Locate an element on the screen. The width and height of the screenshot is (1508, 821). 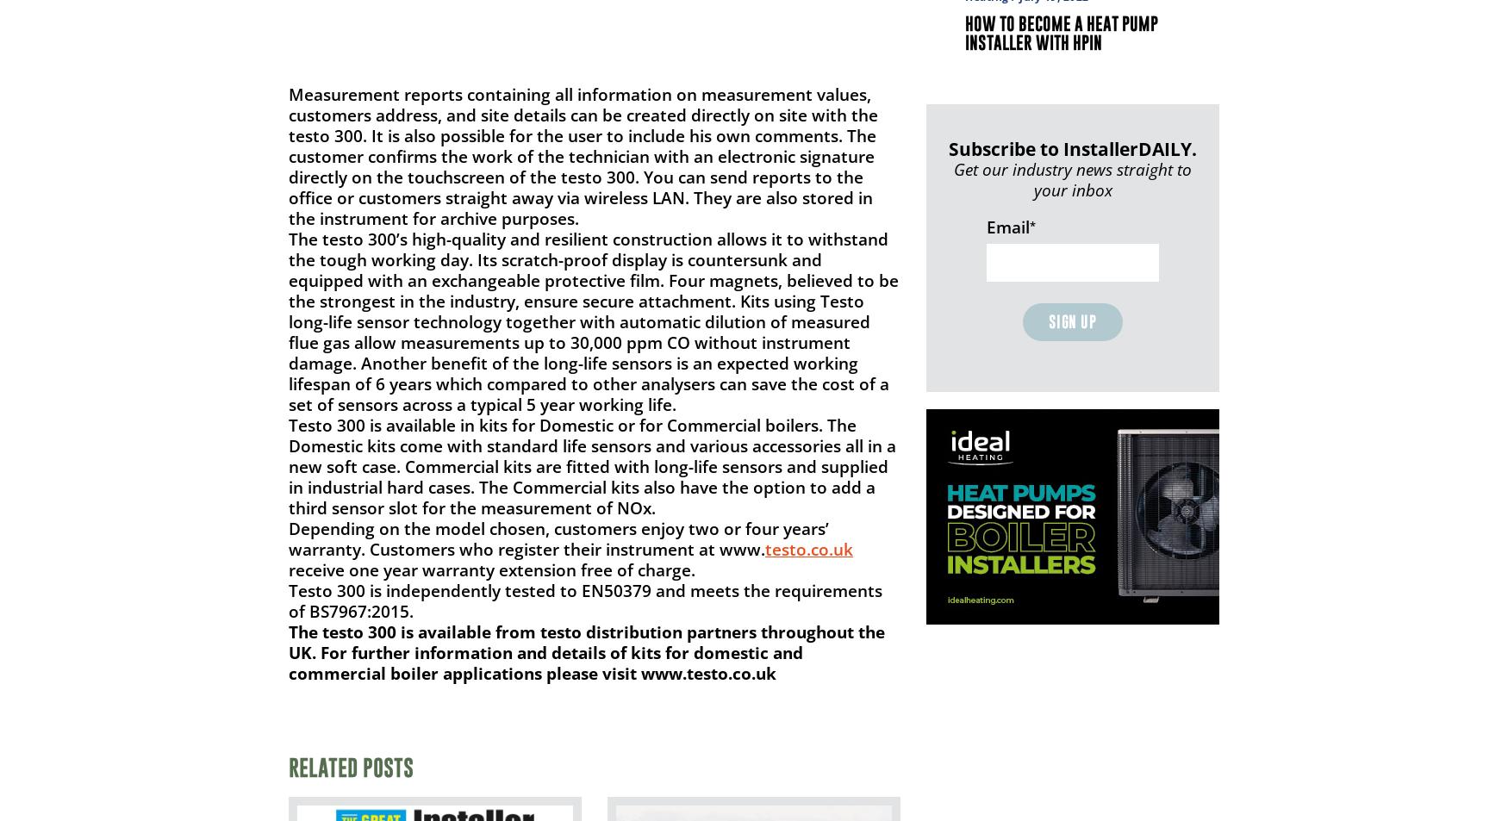
'testo.co.uk' is located at coordinates (809, 550).